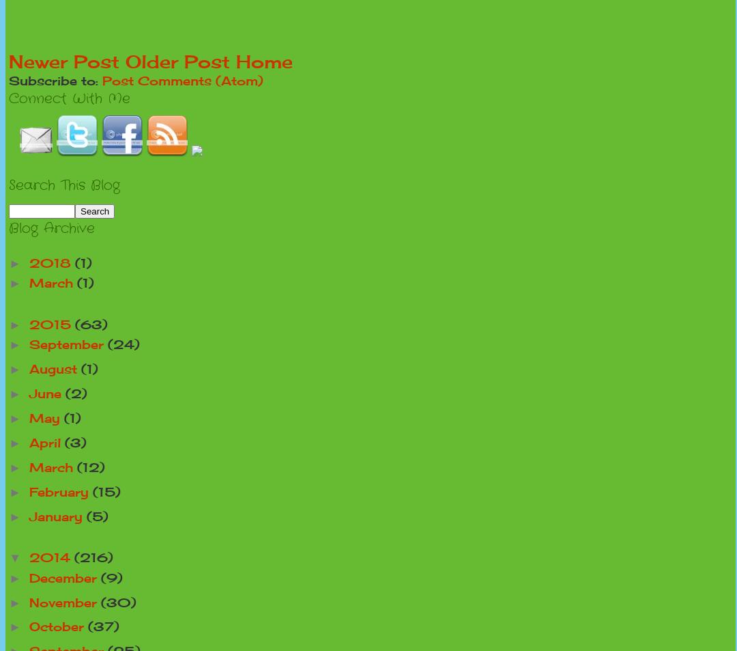 This screenshot has width=737, height=651. Describe the element at coordinates (91, 467) in the screenshot. I see `'(12)'` at that location.